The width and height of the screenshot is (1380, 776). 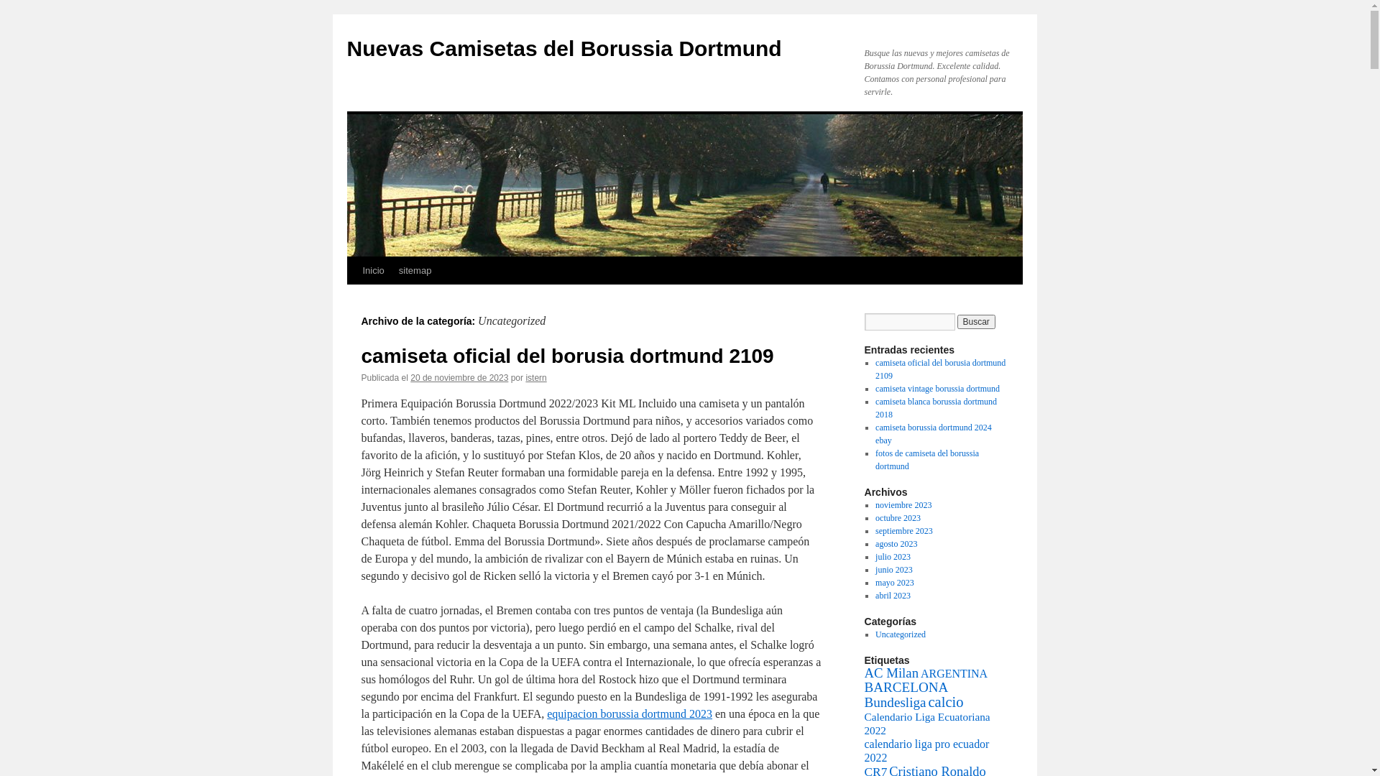 What do you see at coordinates (893, 582) in the screenshot?
I see `'mayo 2023'` at bounding box center [893, 582].